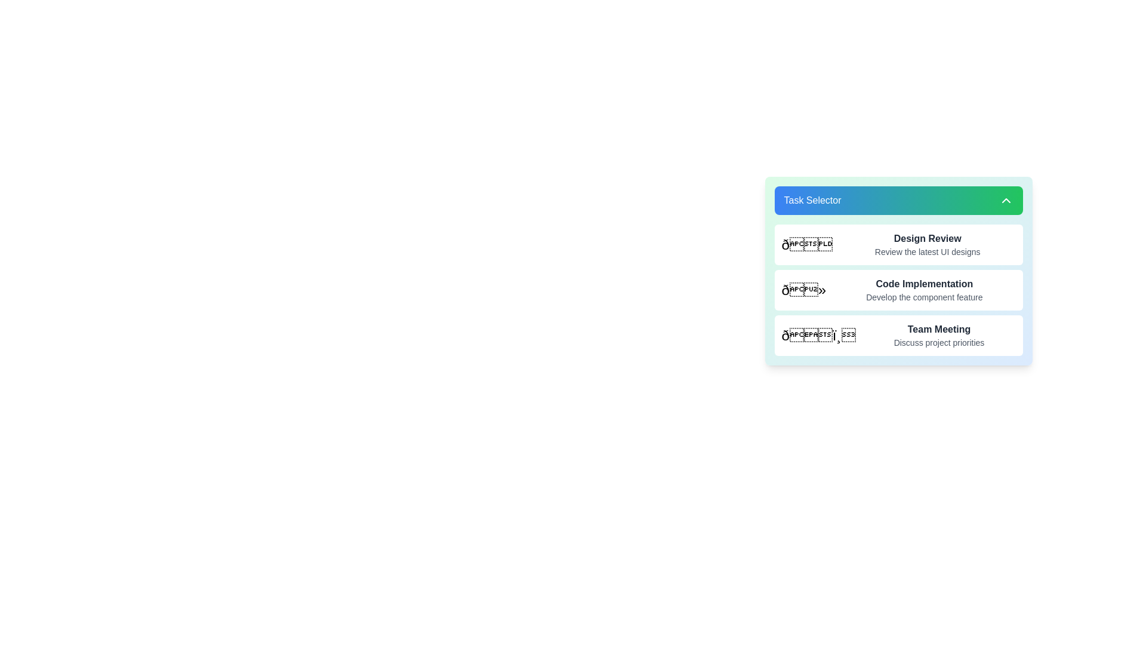 This screenshot has height=645, width=1146. Describe the element at coordinates (923, 290) in the screenshot. I see `text of the Label that displays 'Code Implementation' and 'Develop the component feature', which is located in the middle row of a vertical list of task selections` at that location.